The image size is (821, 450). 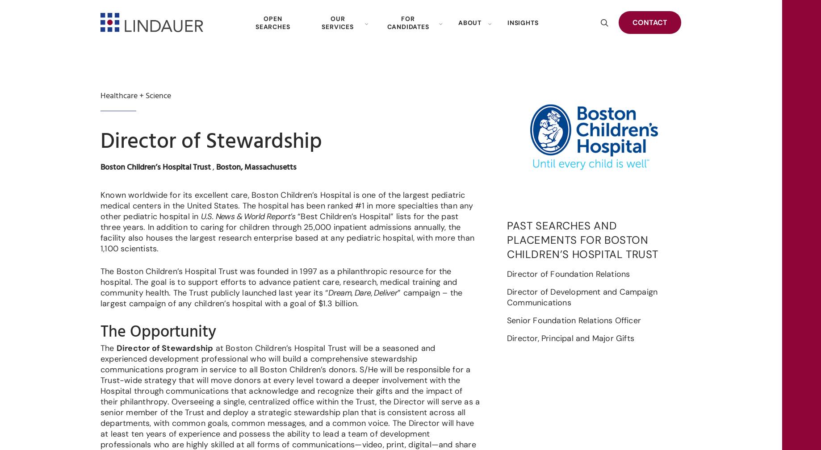 What do you see at coordinates (507, 296) in the screenshot?
I see `'Director of Development and Campaign Communications'` at bounding box center [507, 296].